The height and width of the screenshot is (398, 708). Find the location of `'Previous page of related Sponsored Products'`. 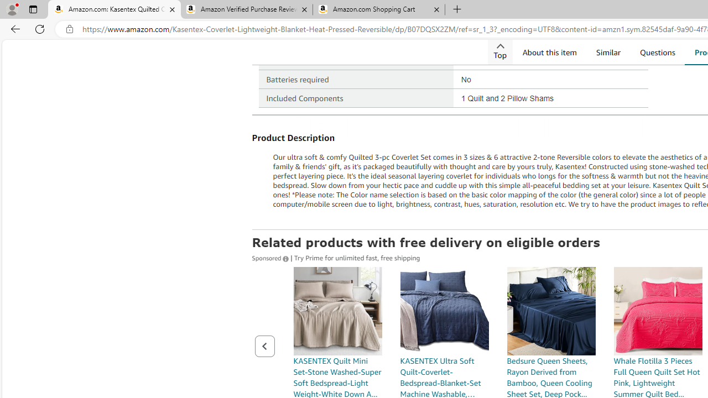

'Previous page of related Sponsored Products' is located at coordinates (264, 345).